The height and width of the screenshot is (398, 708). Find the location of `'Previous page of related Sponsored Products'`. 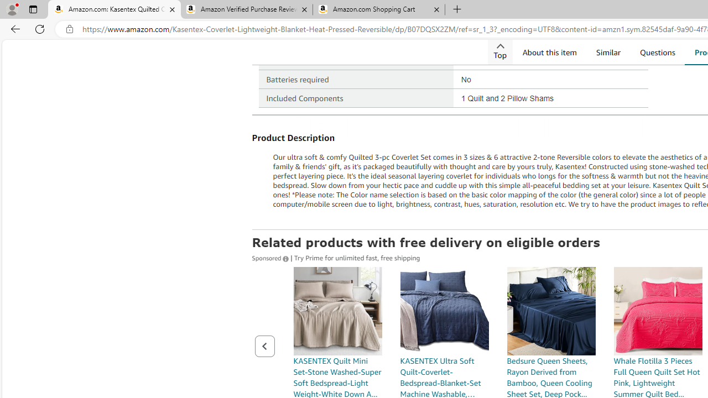

'Previous page of related Sponsored Products' is located at coordinates (264, 345).